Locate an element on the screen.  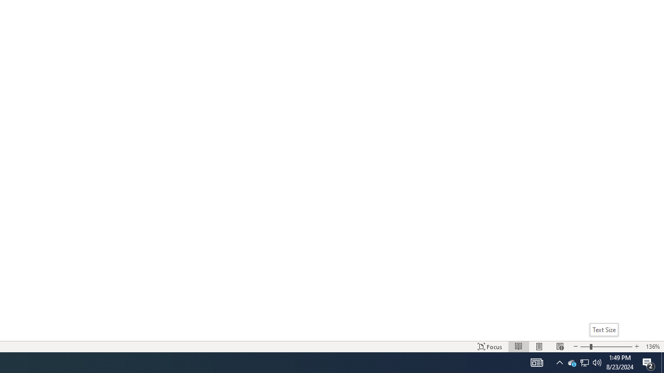
'Zoom In' is located at coordinates (612, 347).